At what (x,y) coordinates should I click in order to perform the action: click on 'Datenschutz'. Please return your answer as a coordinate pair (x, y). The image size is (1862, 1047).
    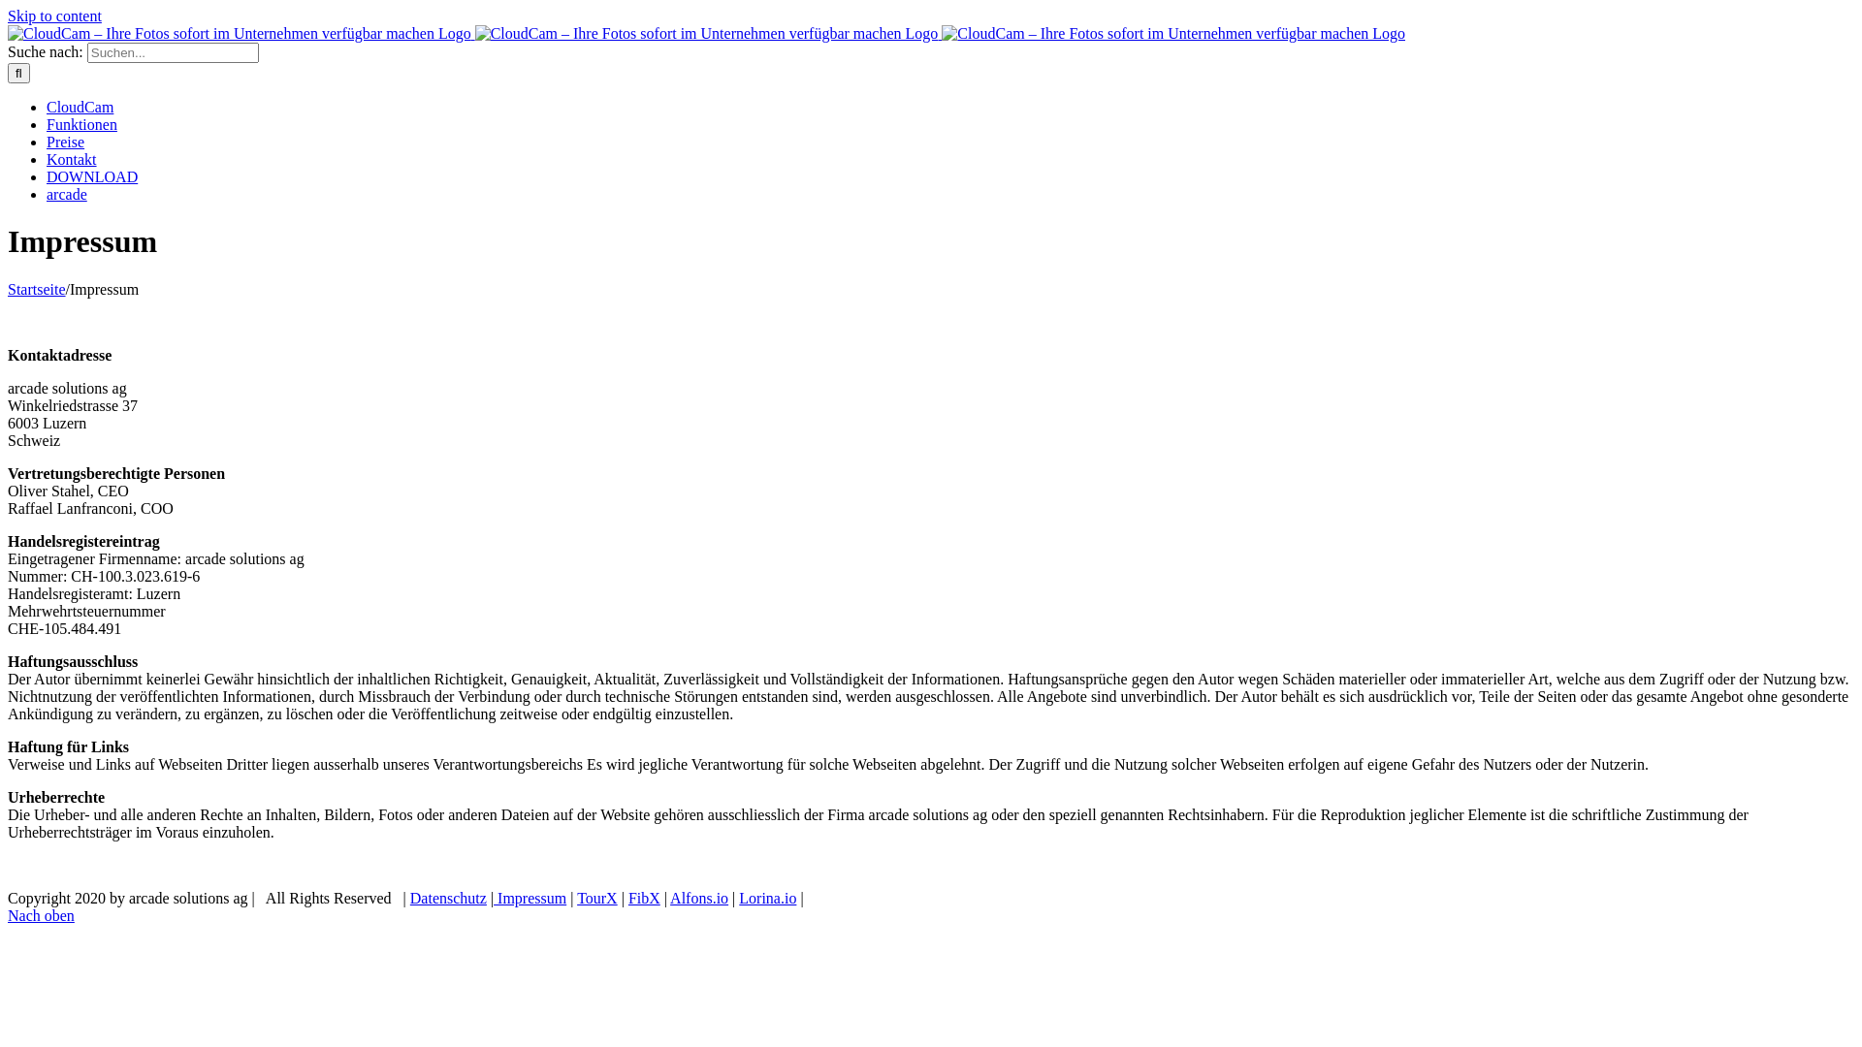
    Looking at the image, I should click on (447, 898).